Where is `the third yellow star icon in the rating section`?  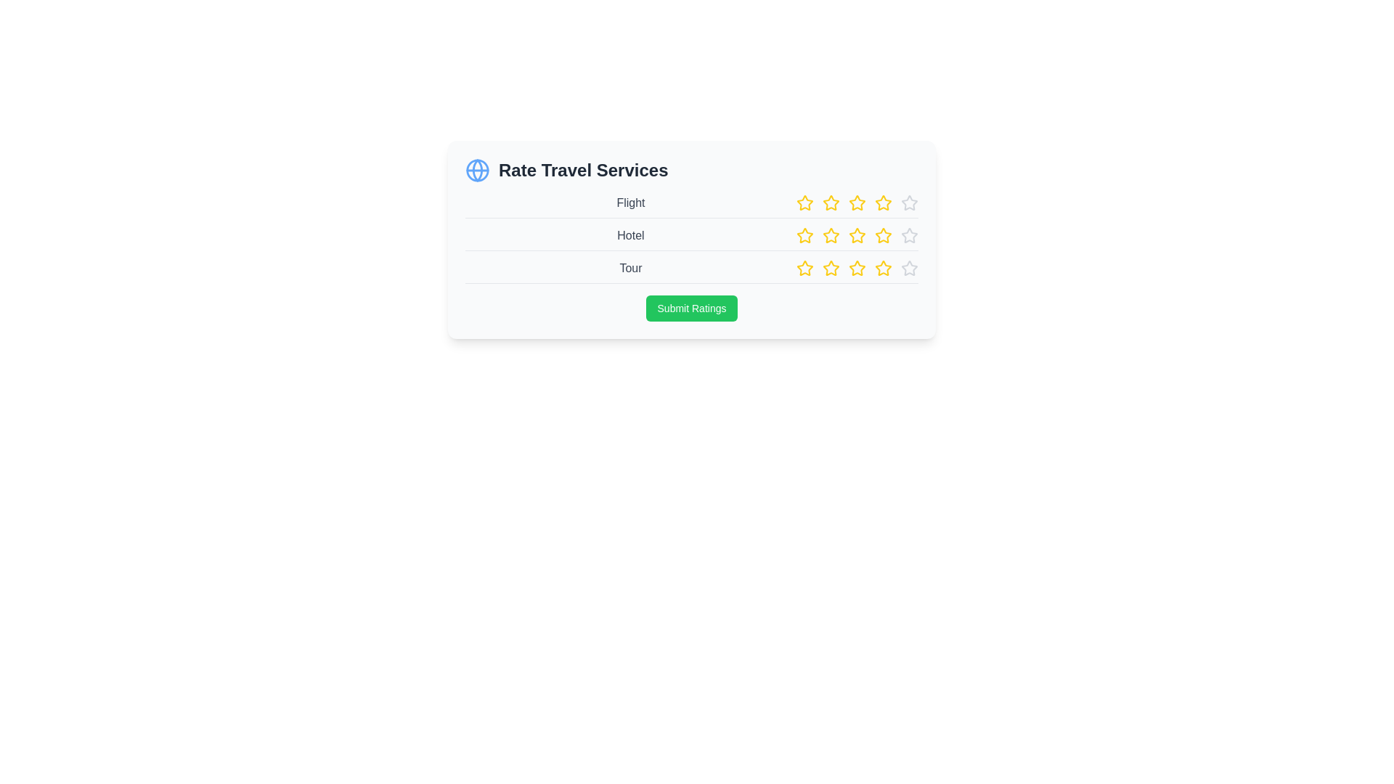
the third yellow star icon in the rating section is located at coordinates (857, 203).